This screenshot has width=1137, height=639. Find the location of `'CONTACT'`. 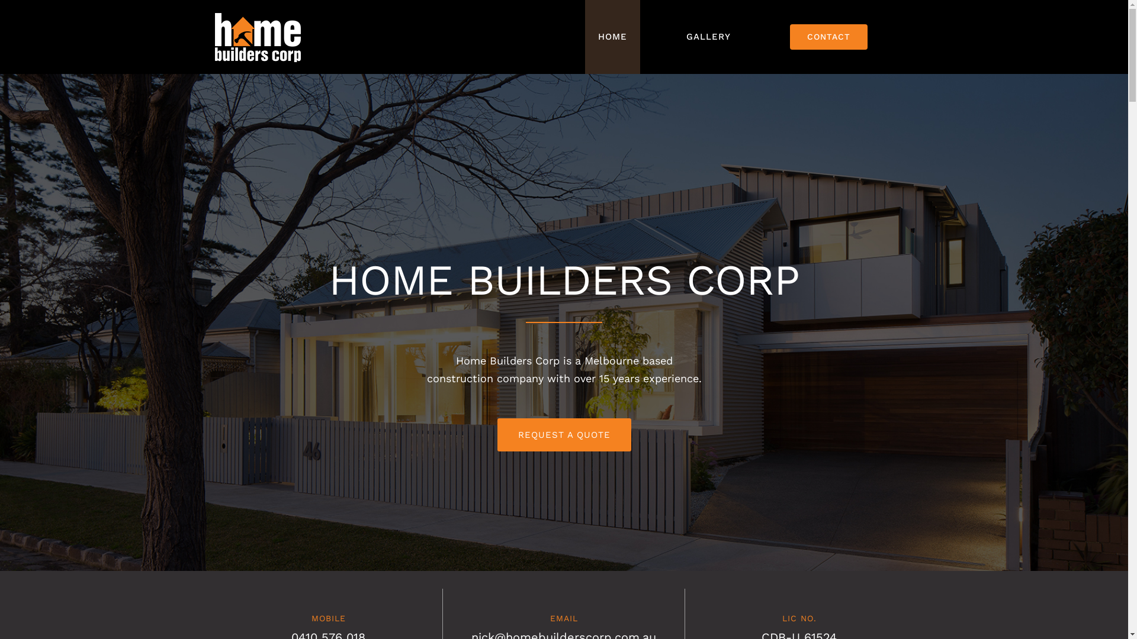

'CONTACT' is located at coordinates (828, 36).